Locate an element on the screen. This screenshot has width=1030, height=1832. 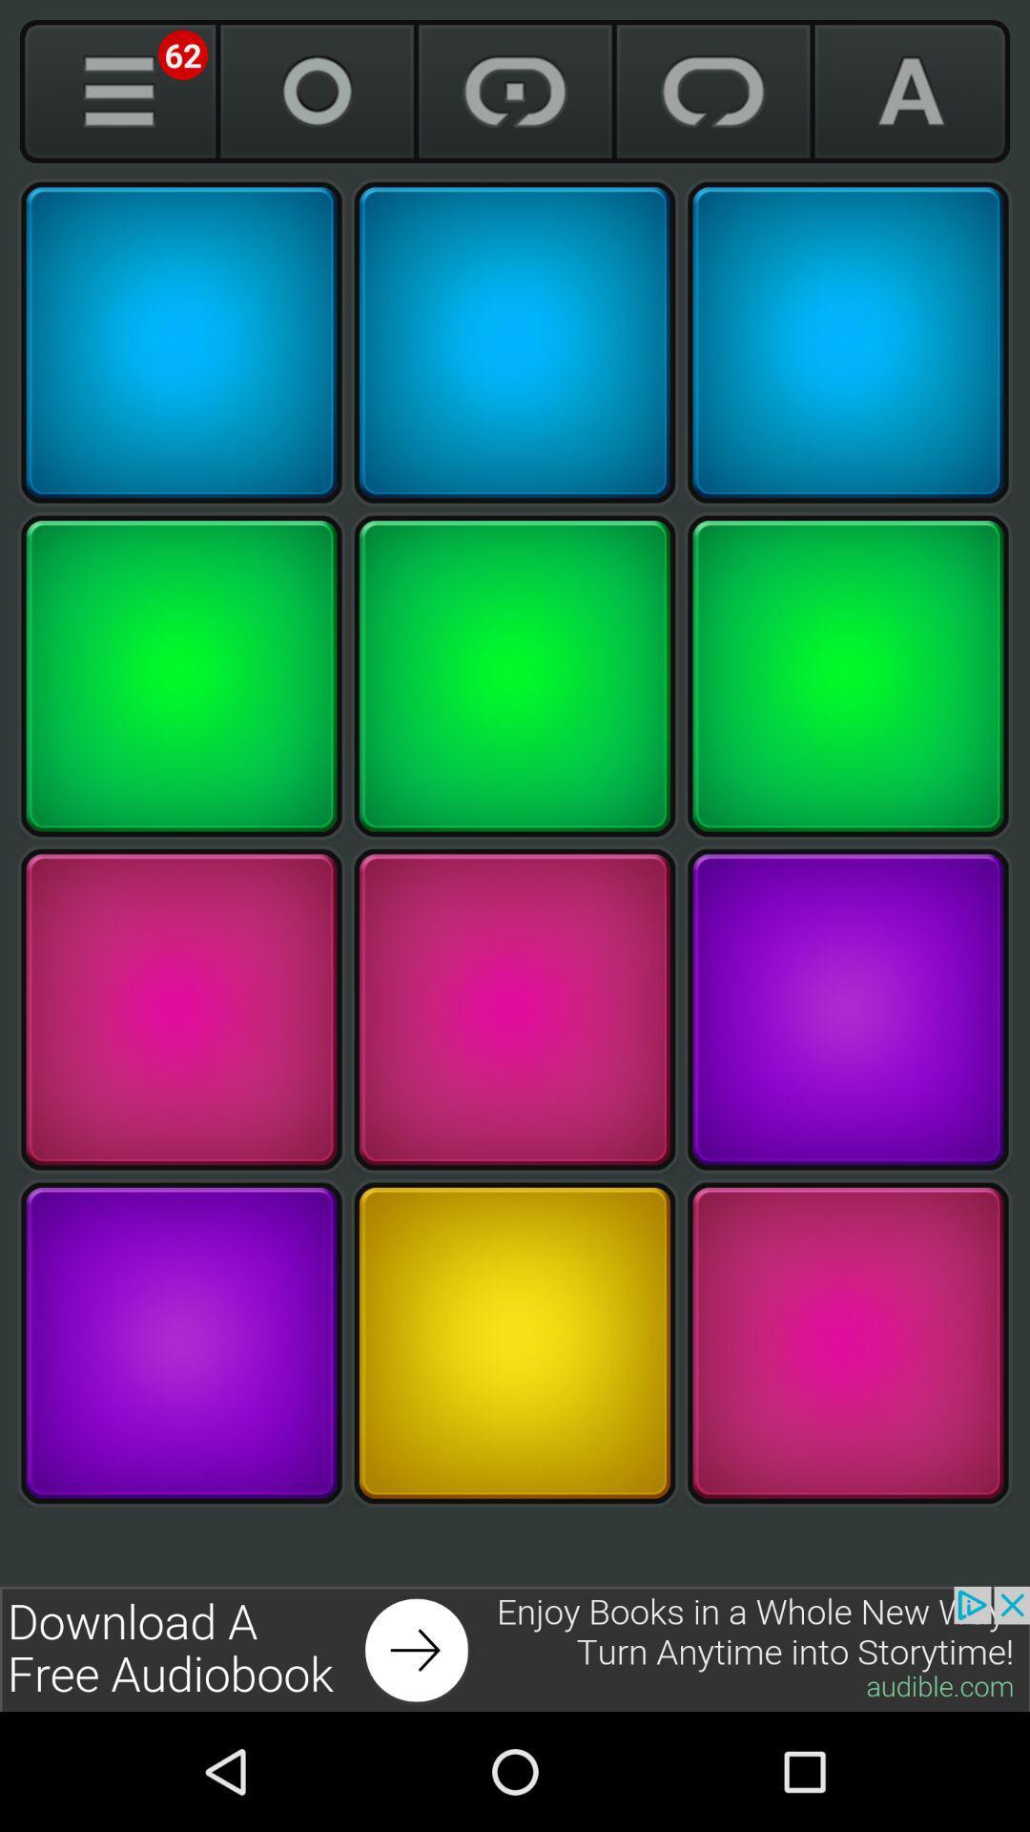
blue color is located at coordinates (847, 343).